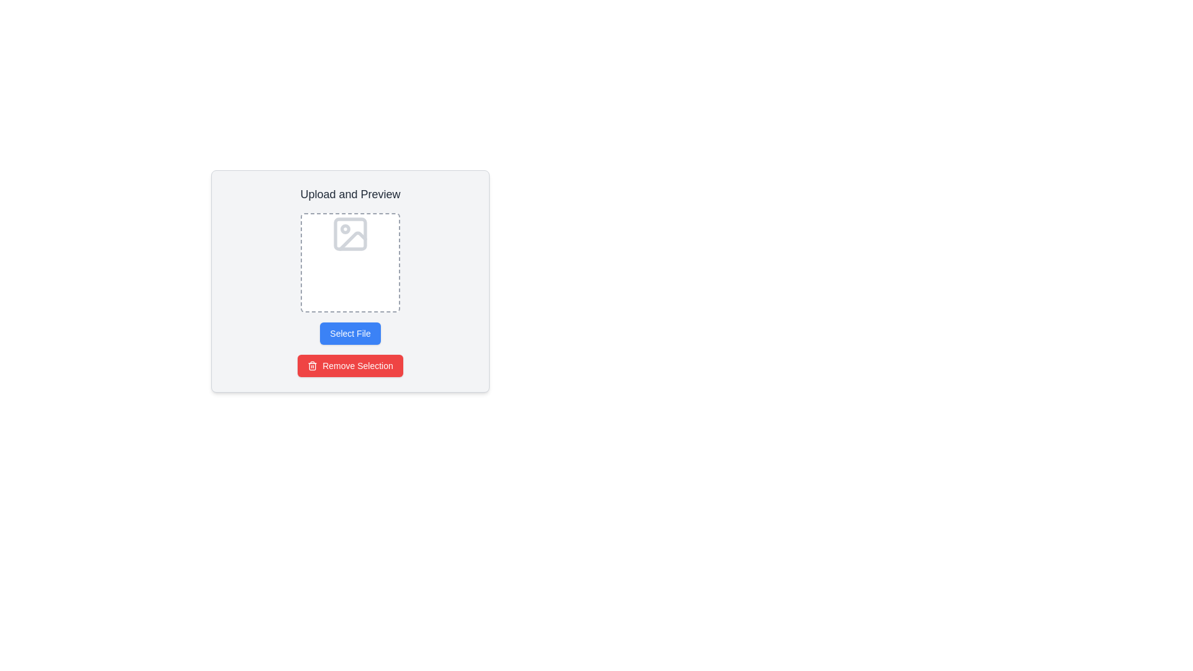  I want to click on the static text label that serves as a title or heading, providing context to the section, so click(349, 194).